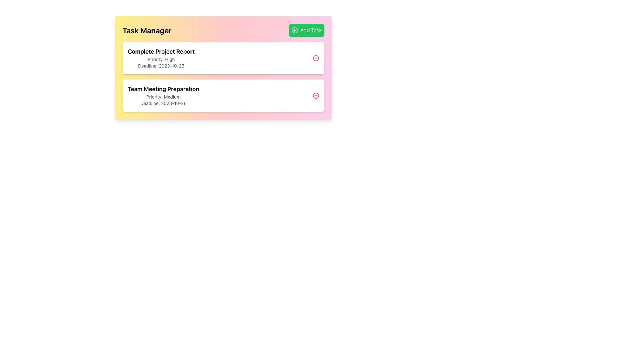 The image size is (621, 349). What do you see at coordinates (316, 58) in the screenshot?
I see `the icon button located at the top-right corner of the task card labeled 'Complete Project Report'` at bounding box center [316, 58].